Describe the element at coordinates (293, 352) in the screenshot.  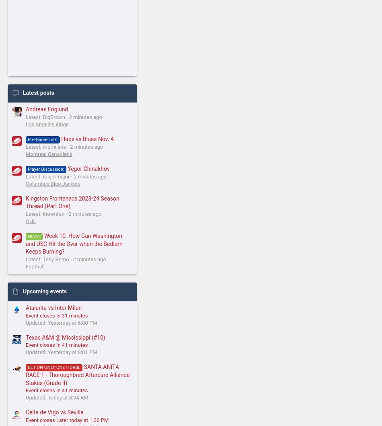
I see `'Privacy policy'` at that location.